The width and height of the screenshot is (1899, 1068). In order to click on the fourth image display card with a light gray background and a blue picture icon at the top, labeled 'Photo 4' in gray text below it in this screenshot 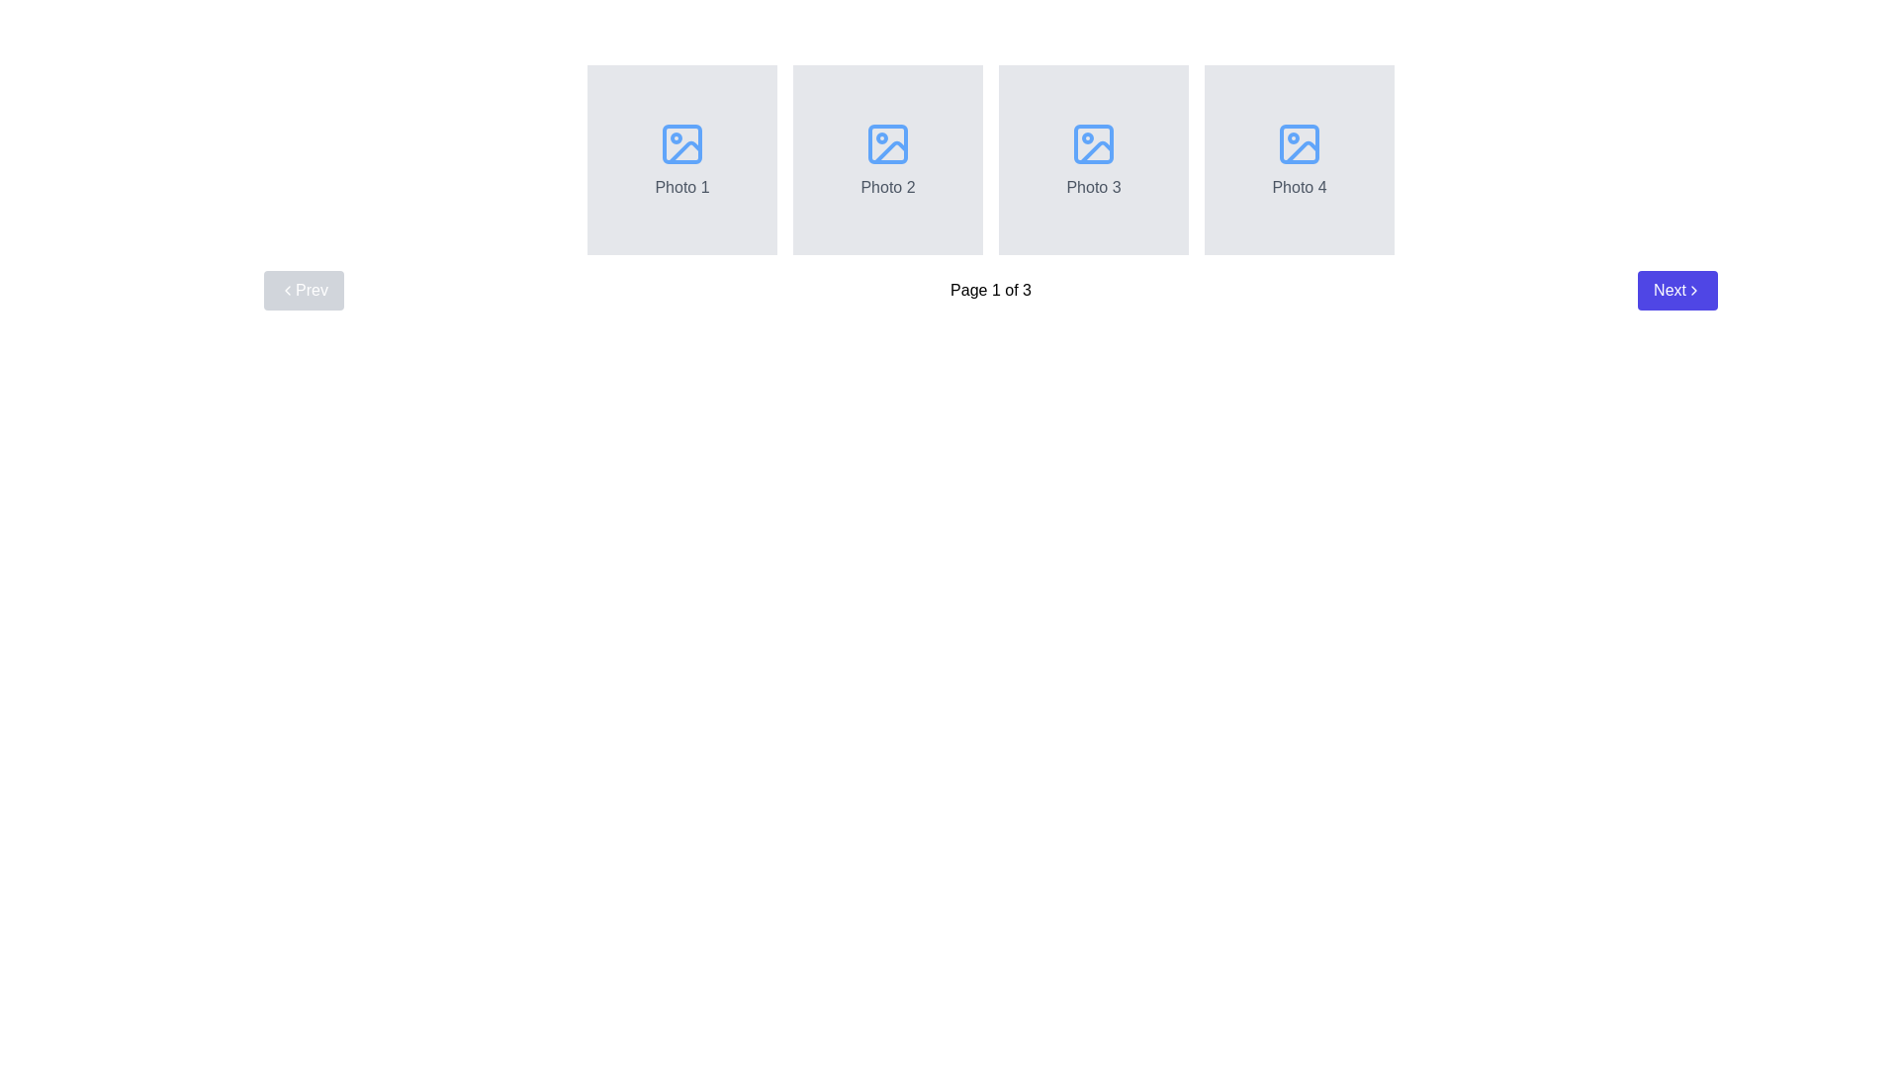, I will do `click(1300, 159)`.